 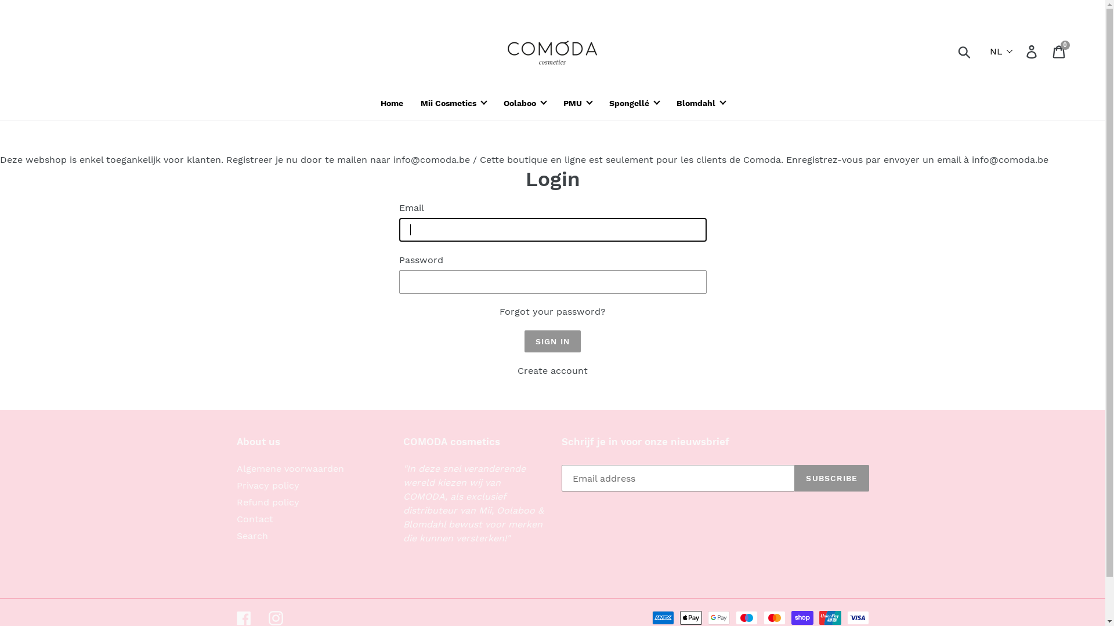 I want to click on 'Create account', so click(x=552, y=370).